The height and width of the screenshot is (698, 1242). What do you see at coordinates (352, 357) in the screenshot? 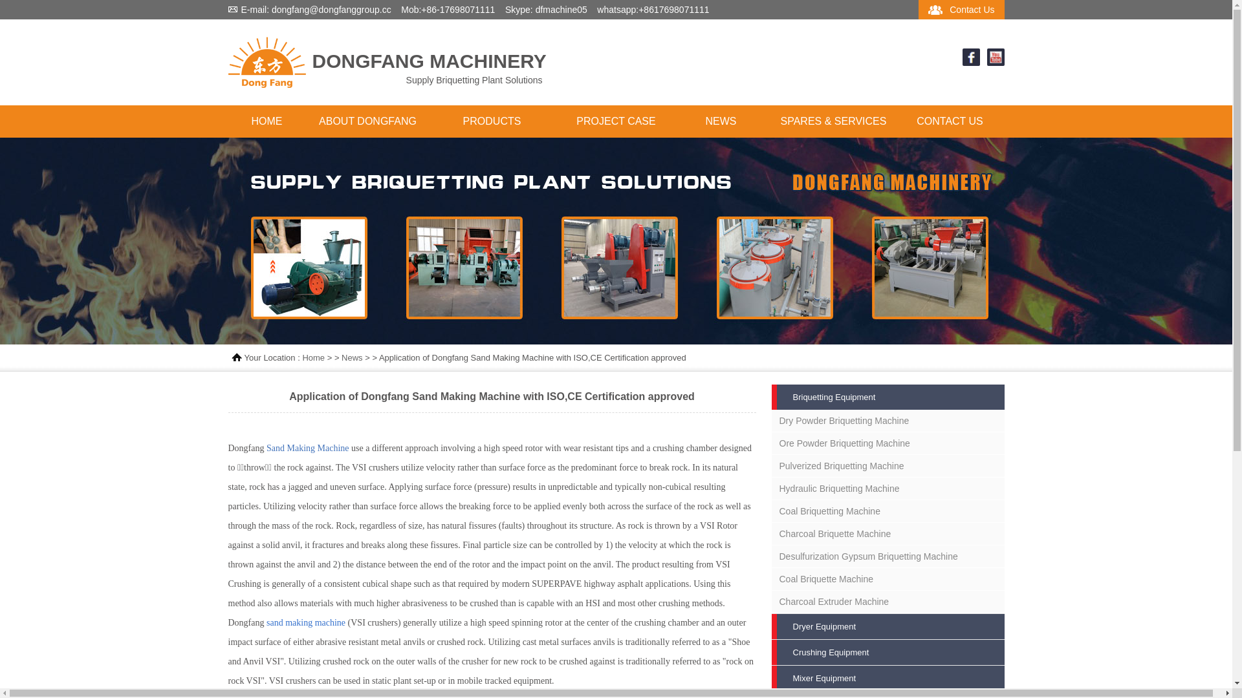
I see `'News'` at bounding box center [352, 357].